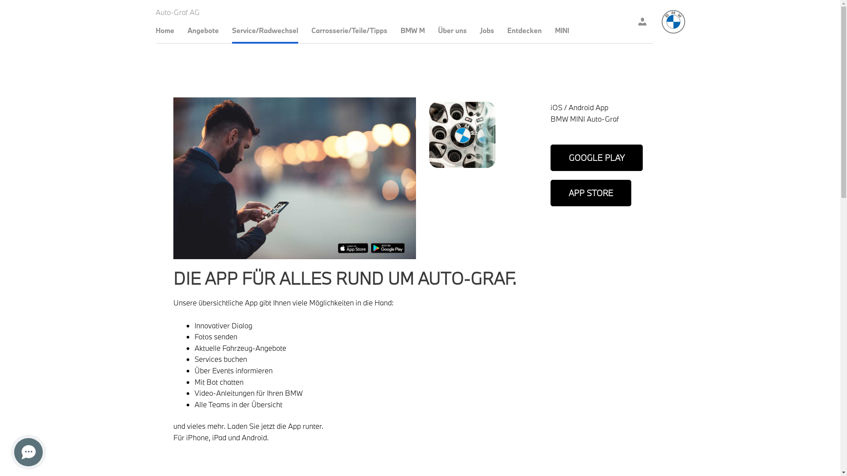 This screenshot has width=847, height=476. I want to click on 'Entdecken', so click(525, 30).